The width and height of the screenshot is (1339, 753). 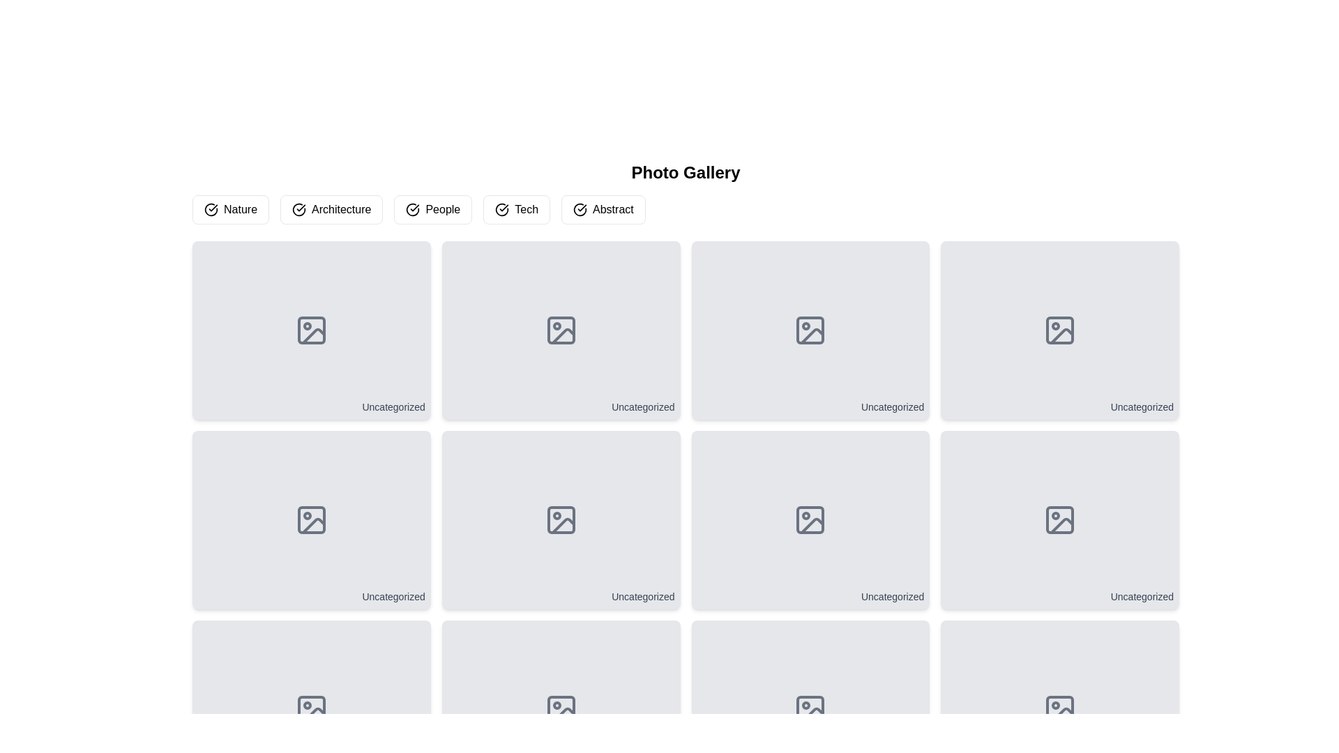 I want to click on the Card element located in the first row and second column of the grid layout, which serves as a placeholder for a content item, so click(x=561, y=330).